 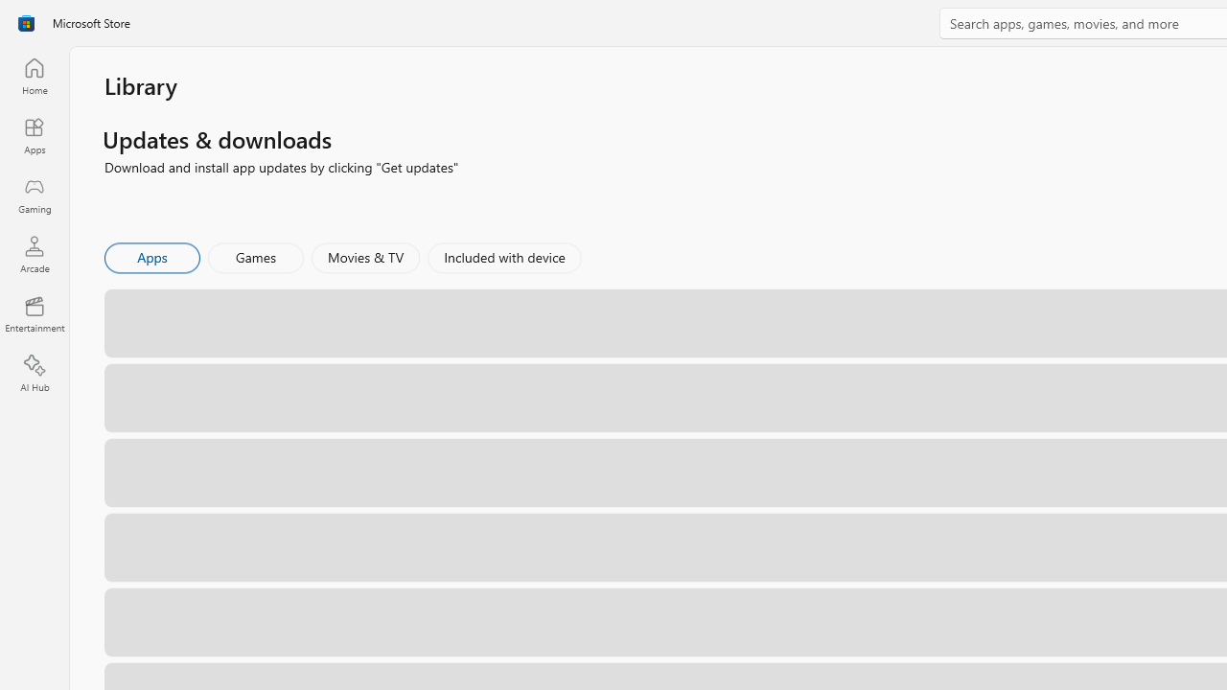 I want to click on 'Entertainment', so click(x=34, y=312).